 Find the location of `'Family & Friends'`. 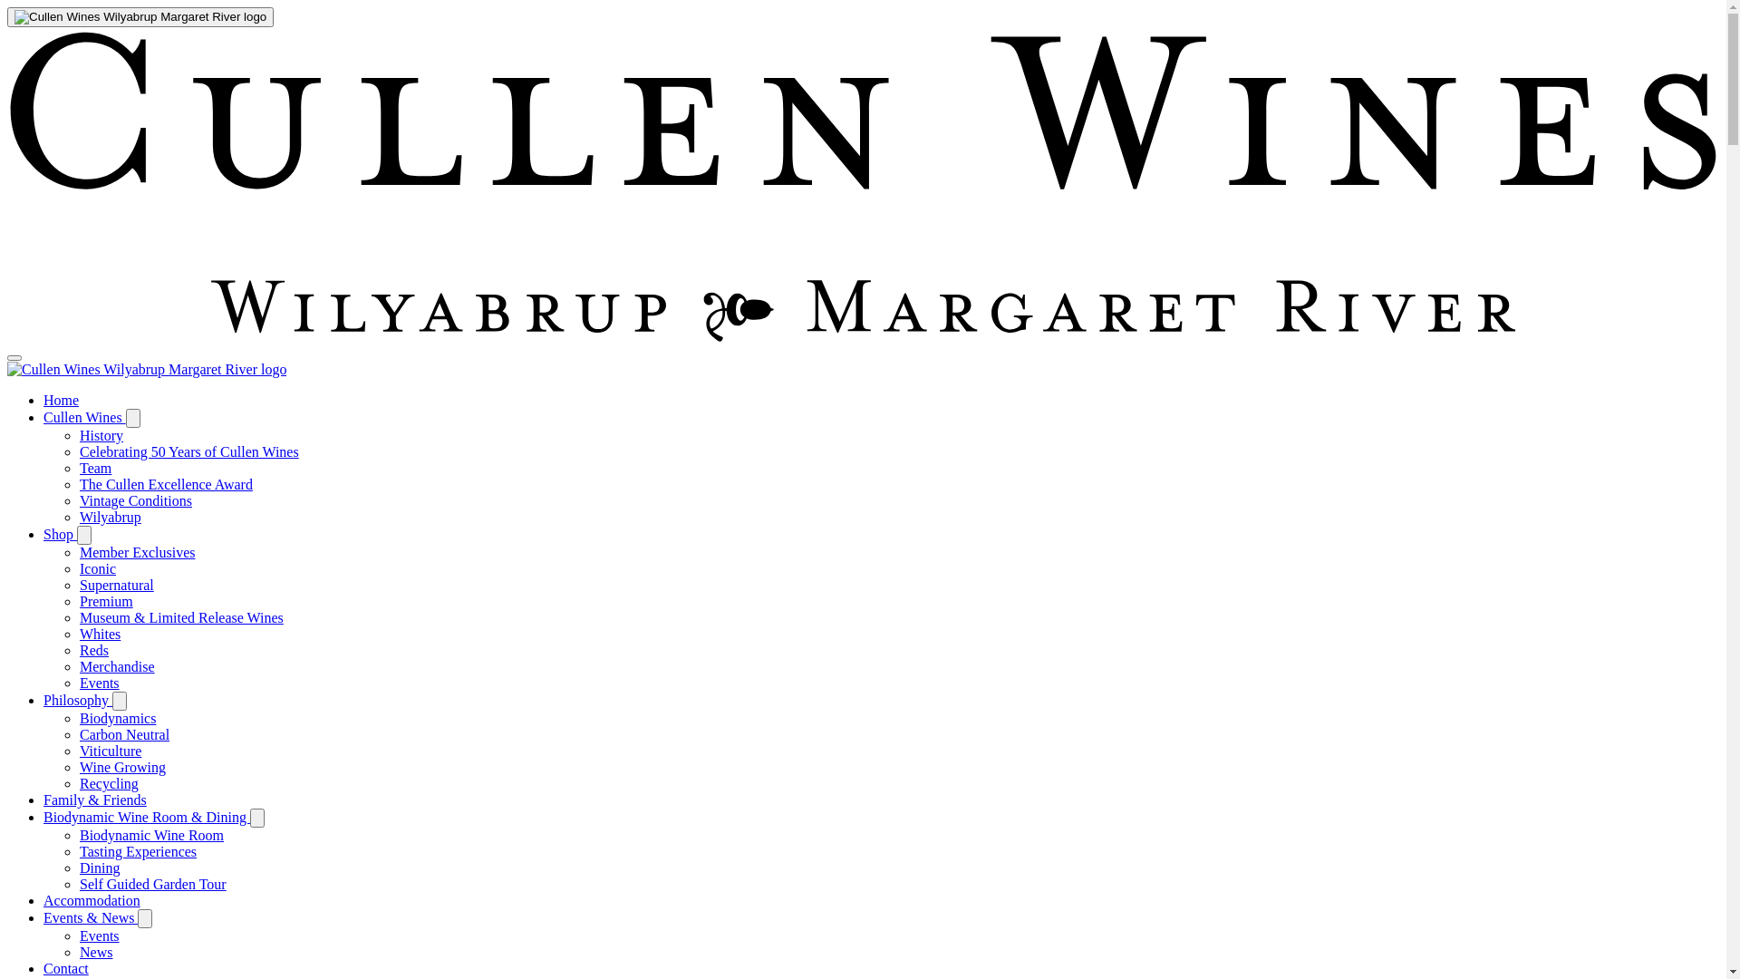

'Family & Friends' is located at coordinates (94, 799).